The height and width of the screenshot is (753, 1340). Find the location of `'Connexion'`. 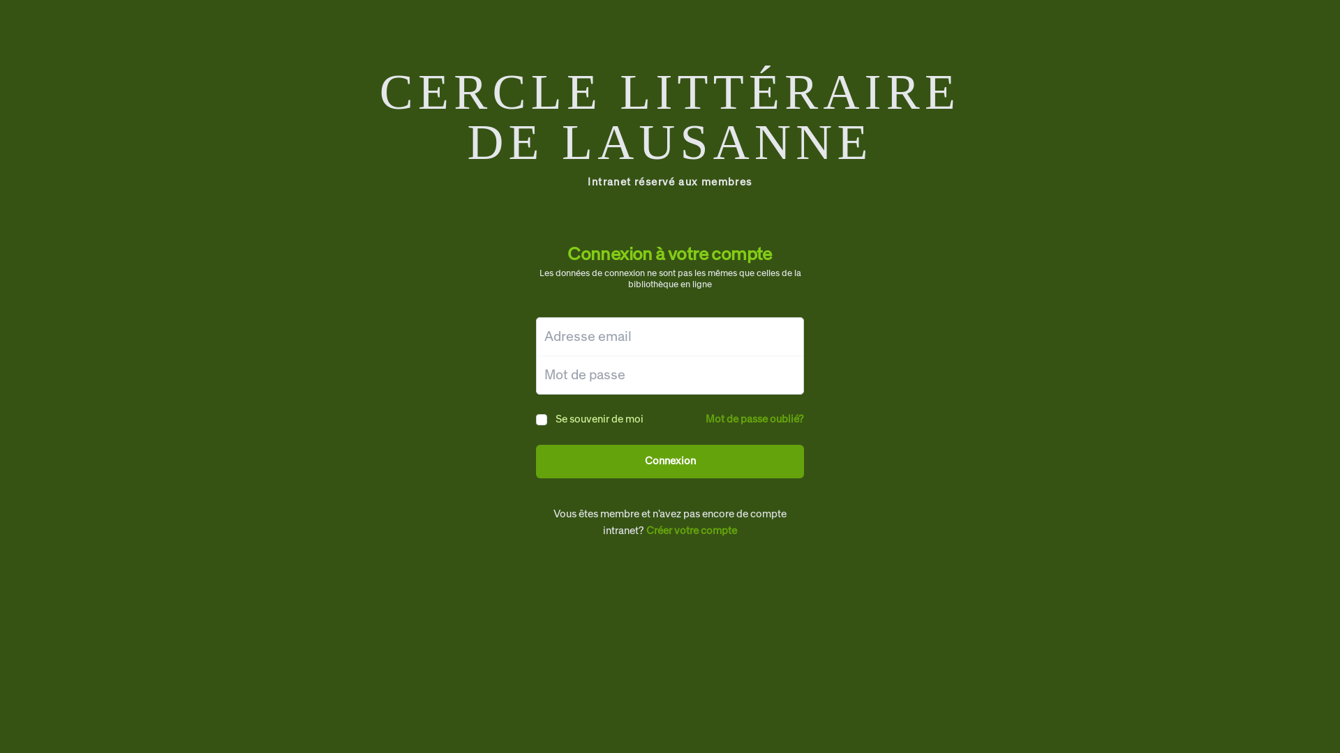

'Connexion' is located at coordinates (670, 462).